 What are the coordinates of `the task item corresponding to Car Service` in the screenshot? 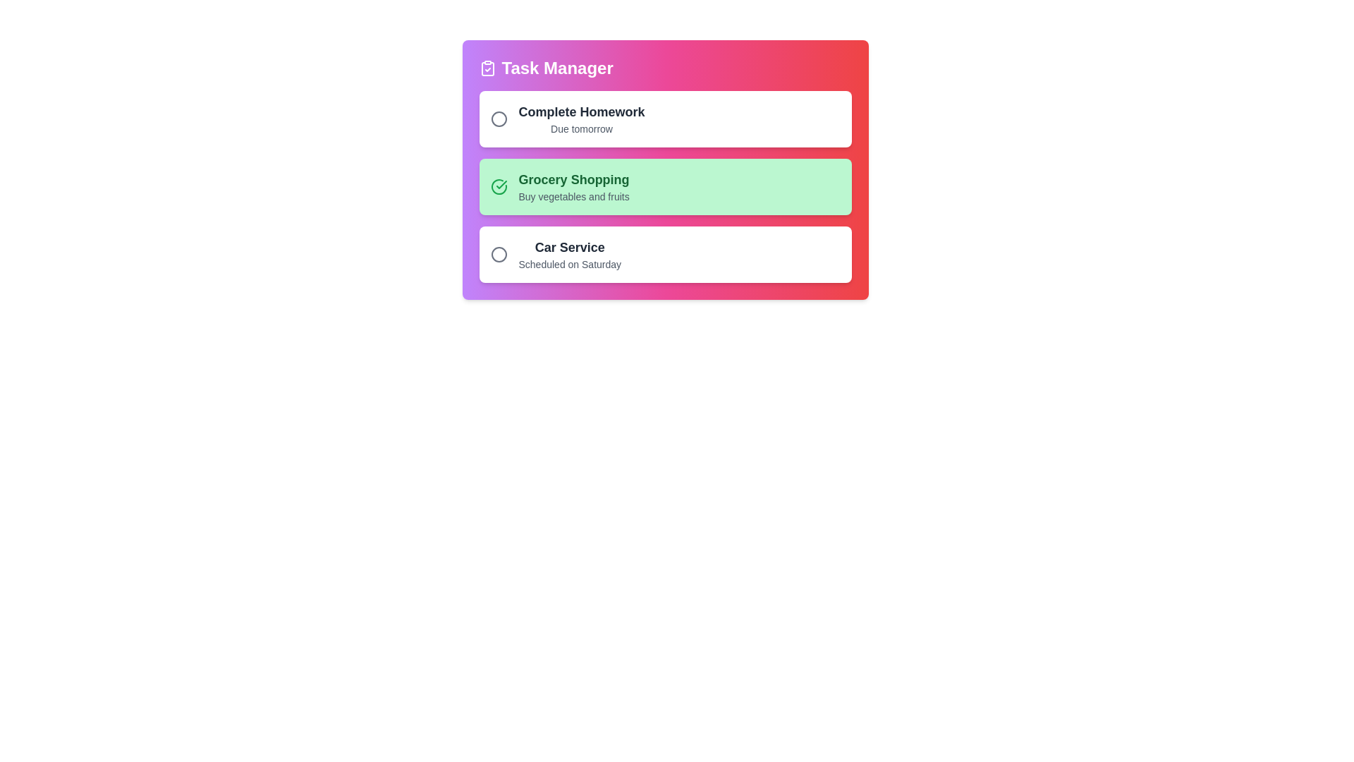 It's located at (664, 255).